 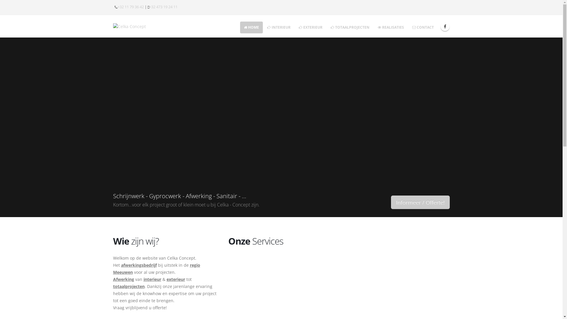 I want to click on 'TOTAALPROJECTEN', so click(x=350, y=27).